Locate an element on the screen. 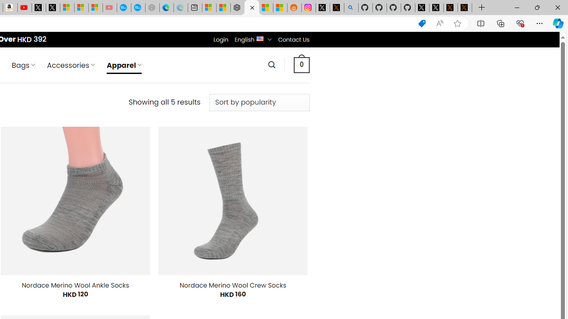  'Nordace - Nordace has arrived Hong Kong - Sleeping' is located at coordinates (152, 8).